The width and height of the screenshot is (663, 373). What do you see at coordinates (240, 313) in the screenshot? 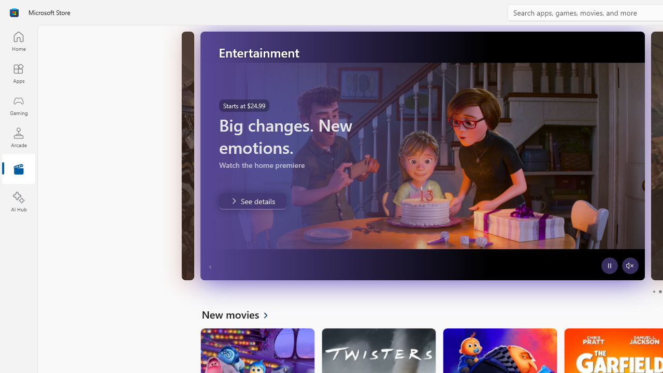
I see `'See all  New movies'` at bounding box center [240, 313].